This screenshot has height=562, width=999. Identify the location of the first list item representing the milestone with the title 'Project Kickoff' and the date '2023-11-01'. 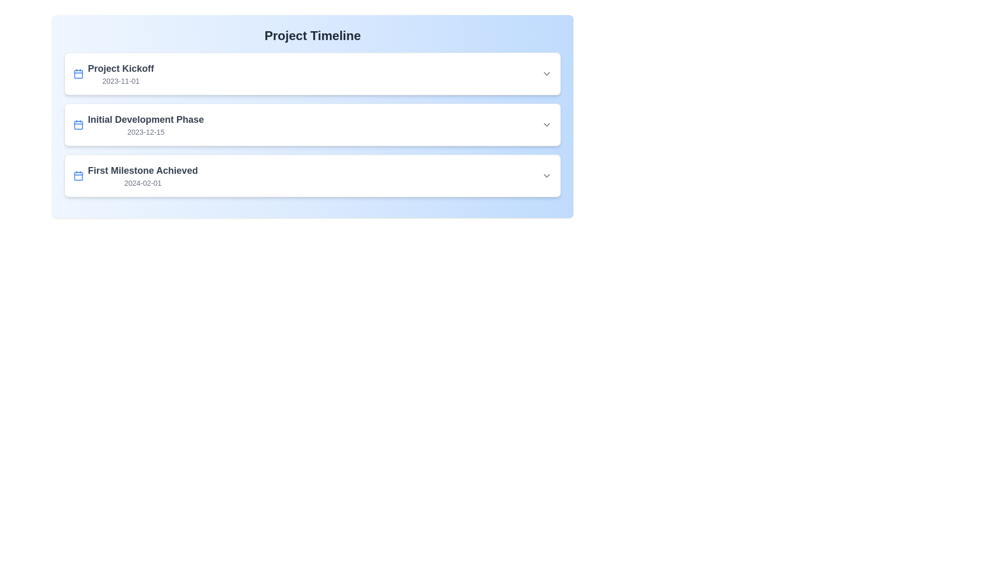
(113, 73).